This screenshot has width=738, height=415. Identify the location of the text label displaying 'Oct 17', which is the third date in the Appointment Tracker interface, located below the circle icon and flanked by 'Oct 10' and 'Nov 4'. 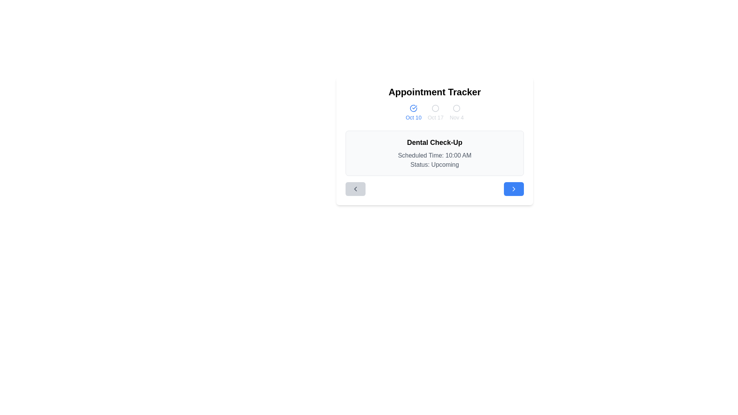
(435, 117).